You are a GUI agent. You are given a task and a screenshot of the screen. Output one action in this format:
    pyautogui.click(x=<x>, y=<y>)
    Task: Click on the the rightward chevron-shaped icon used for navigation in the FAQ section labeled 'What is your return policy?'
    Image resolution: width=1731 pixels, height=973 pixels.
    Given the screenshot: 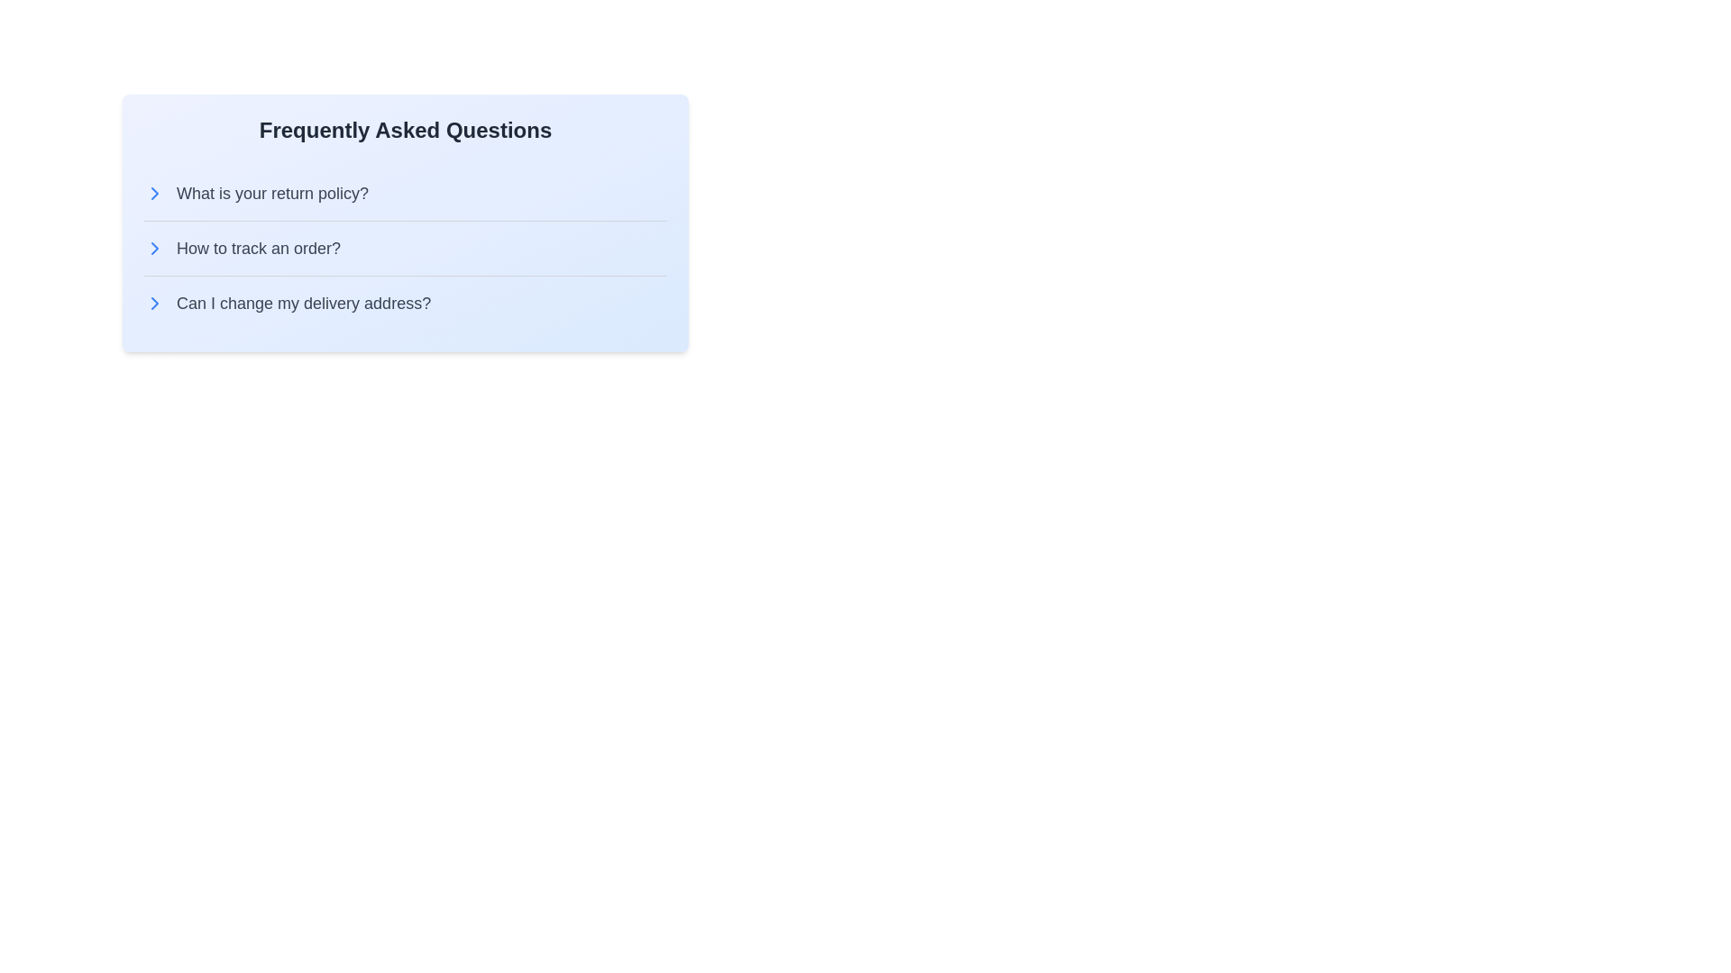 What is the action you would take?
    pyautogui.click(x=155, y=194)
    